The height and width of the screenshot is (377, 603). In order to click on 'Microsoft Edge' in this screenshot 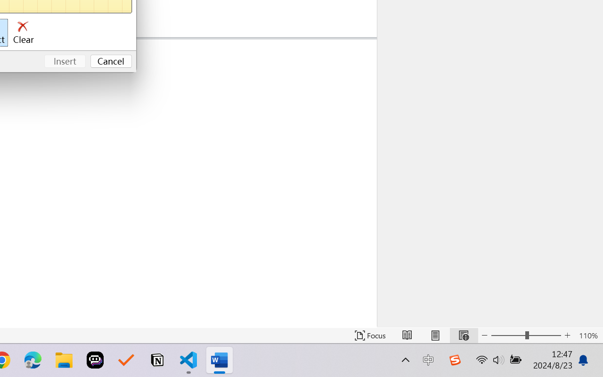, I will do `click(33, 360)`.